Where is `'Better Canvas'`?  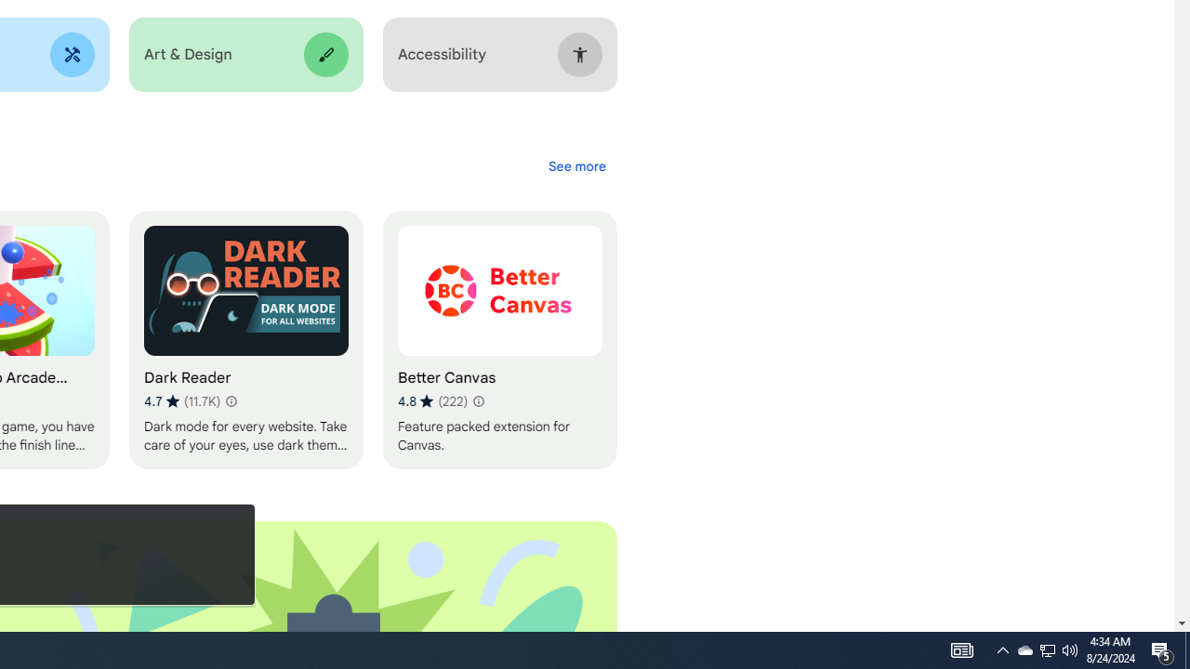 'Better Canvas' is located at coordinates (499, 340).